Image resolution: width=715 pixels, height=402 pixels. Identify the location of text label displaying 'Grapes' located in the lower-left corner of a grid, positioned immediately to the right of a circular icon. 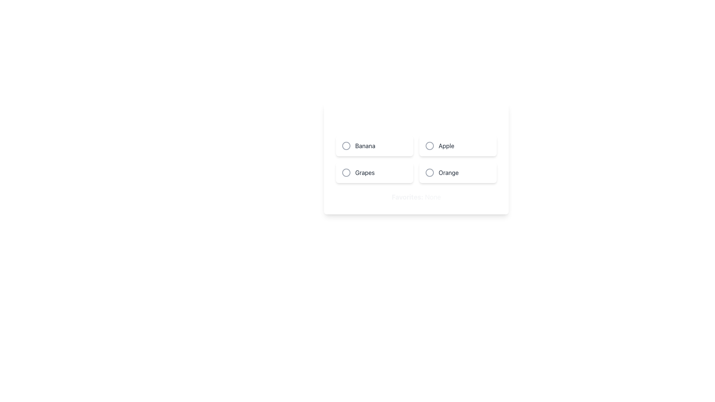
(365, 172).